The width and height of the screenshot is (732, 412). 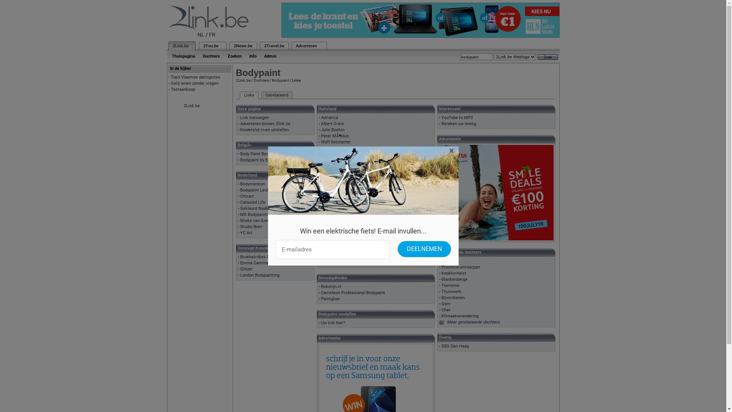 What do you see at coordinates (265, 129) in the screenshot?
I see `'Kinderslot in-en uitstellen'` at bounding box center [265, 129].